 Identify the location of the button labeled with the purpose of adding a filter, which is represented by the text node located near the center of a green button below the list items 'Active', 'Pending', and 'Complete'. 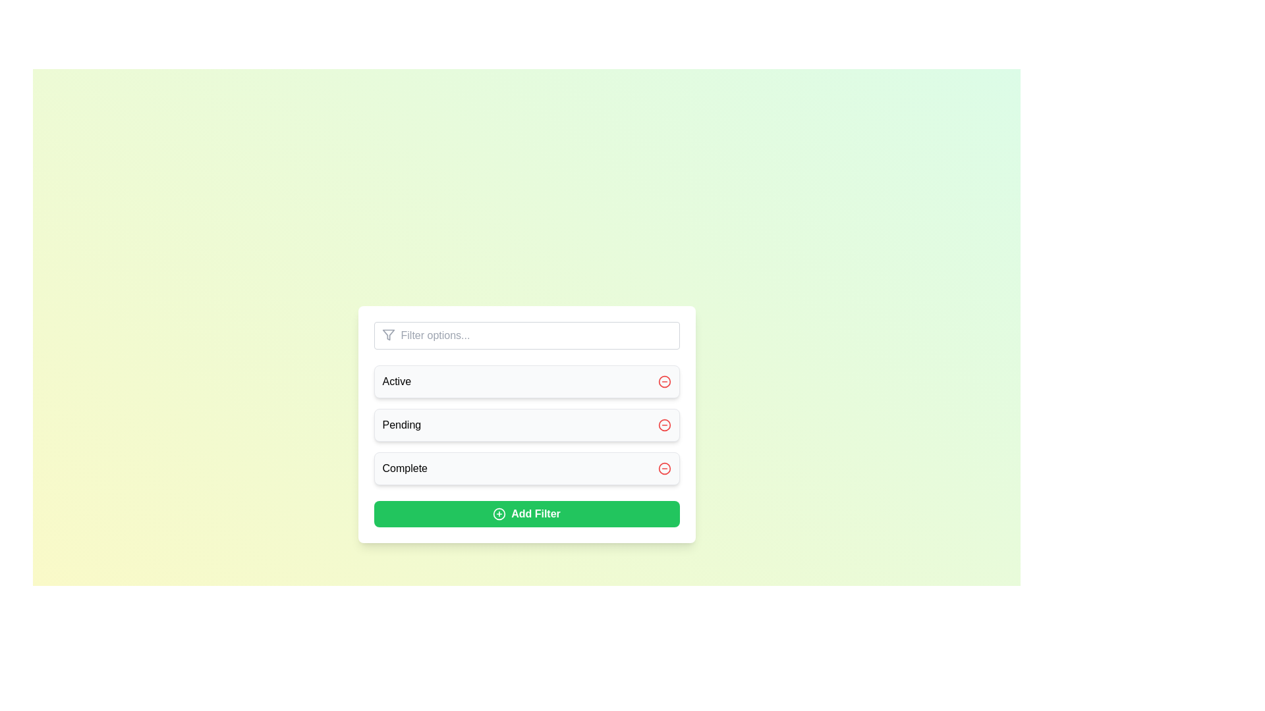
(536, 513).